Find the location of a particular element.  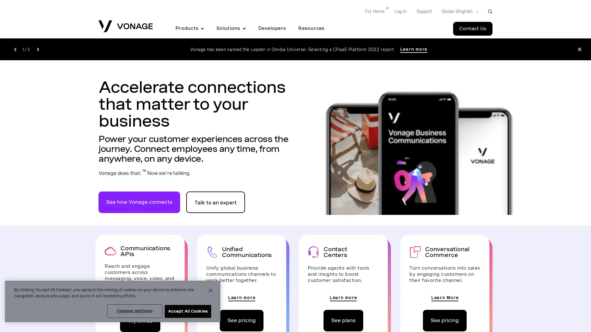

Go to the next announcement is located at coordinates (37, 49).